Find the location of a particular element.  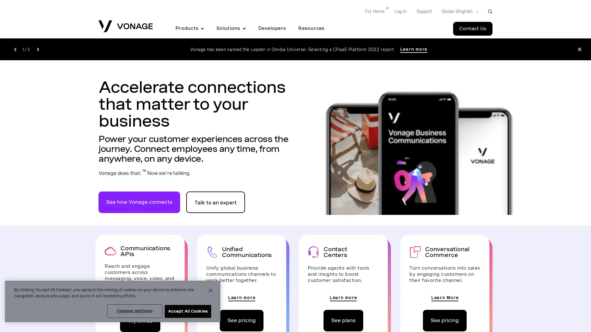

Go to the next announcement is located at coordinates (37, 49).